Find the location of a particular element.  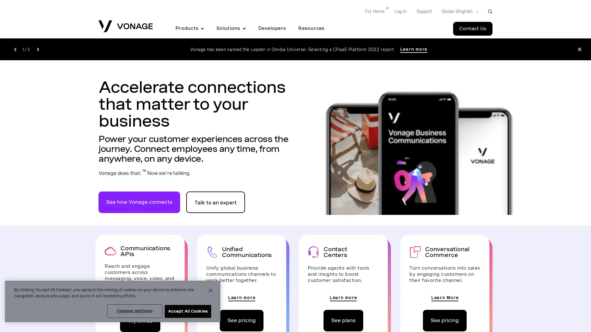

Go to the next announcement is located at coordinates (37, 49).